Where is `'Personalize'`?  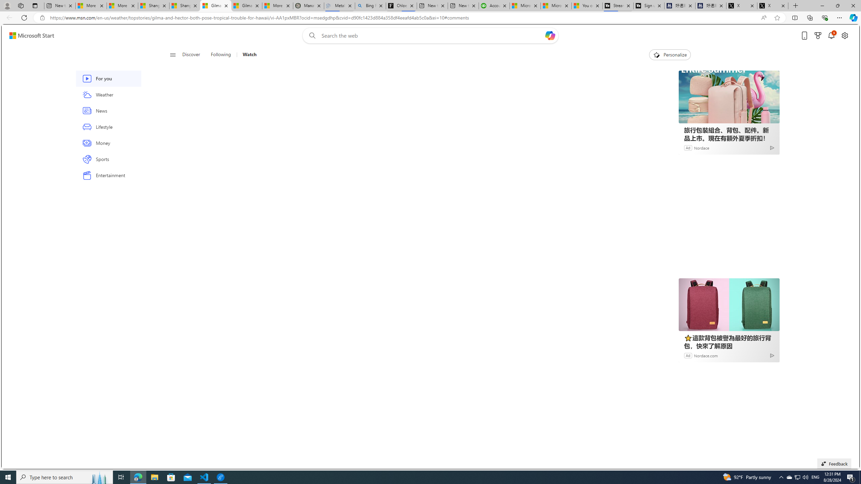
'Personalize' is located at coordinates (669, 54).